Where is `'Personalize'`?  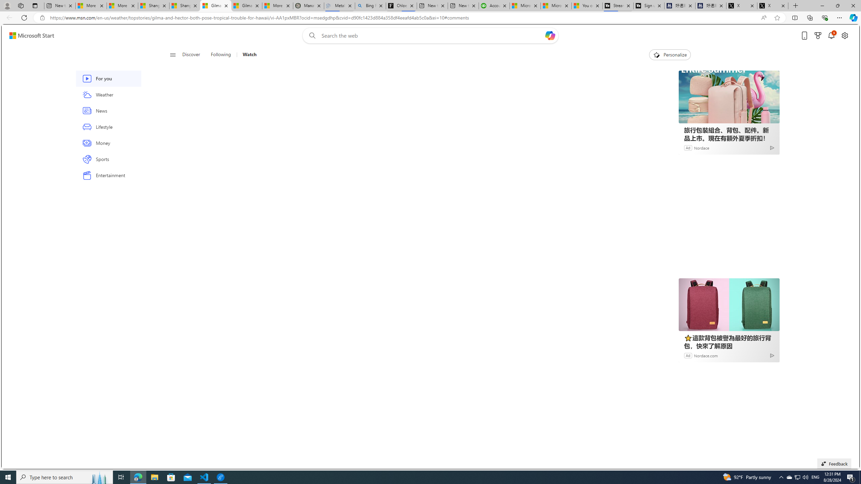
'Personalize' is located at coordinates (669, 54).